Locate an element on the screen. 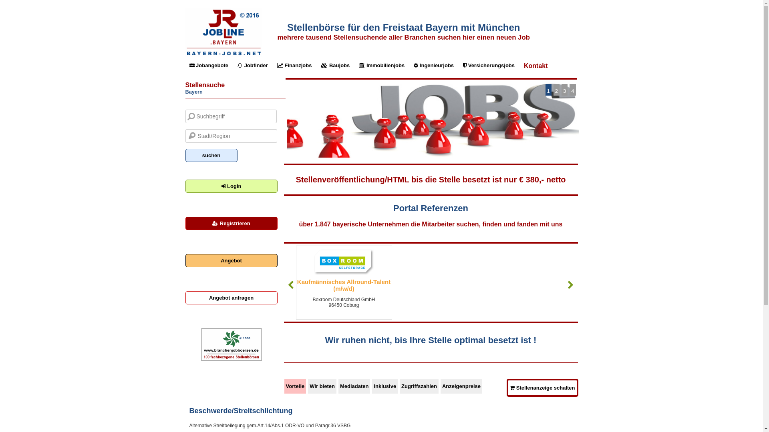 The image size is (769, 432). 'Baujobs' is located at coordinates (336, 65).